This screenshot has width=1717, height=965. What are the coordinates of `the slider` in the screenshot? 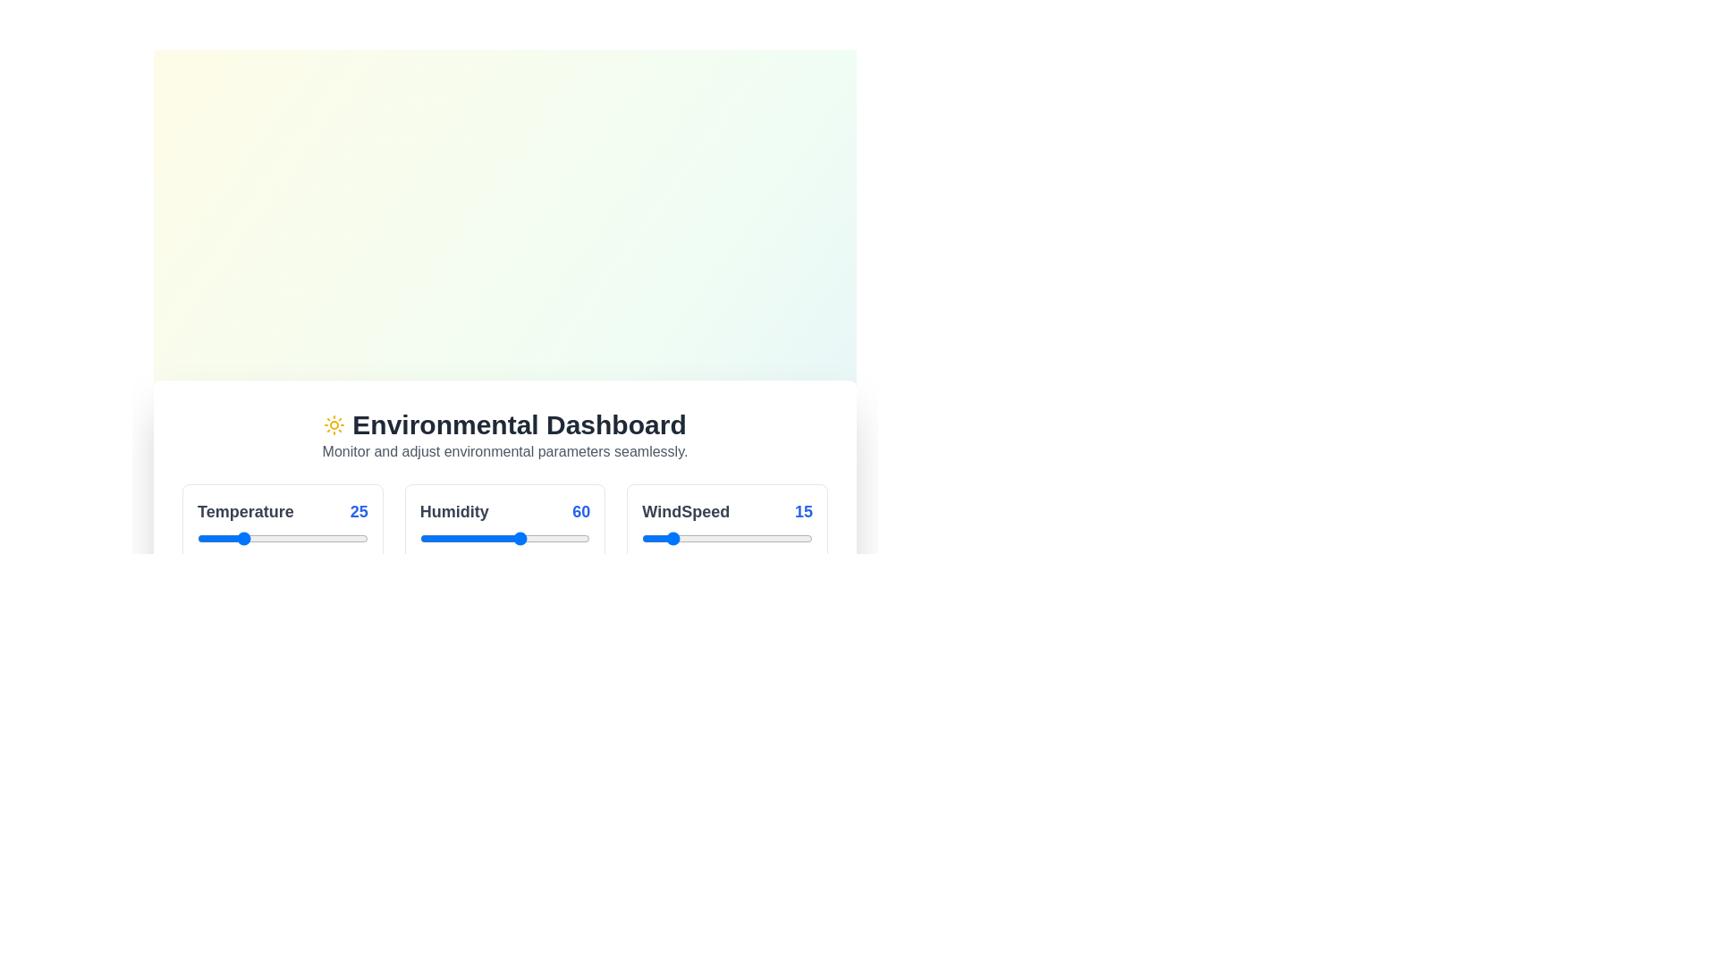 It's located at (307, 537).